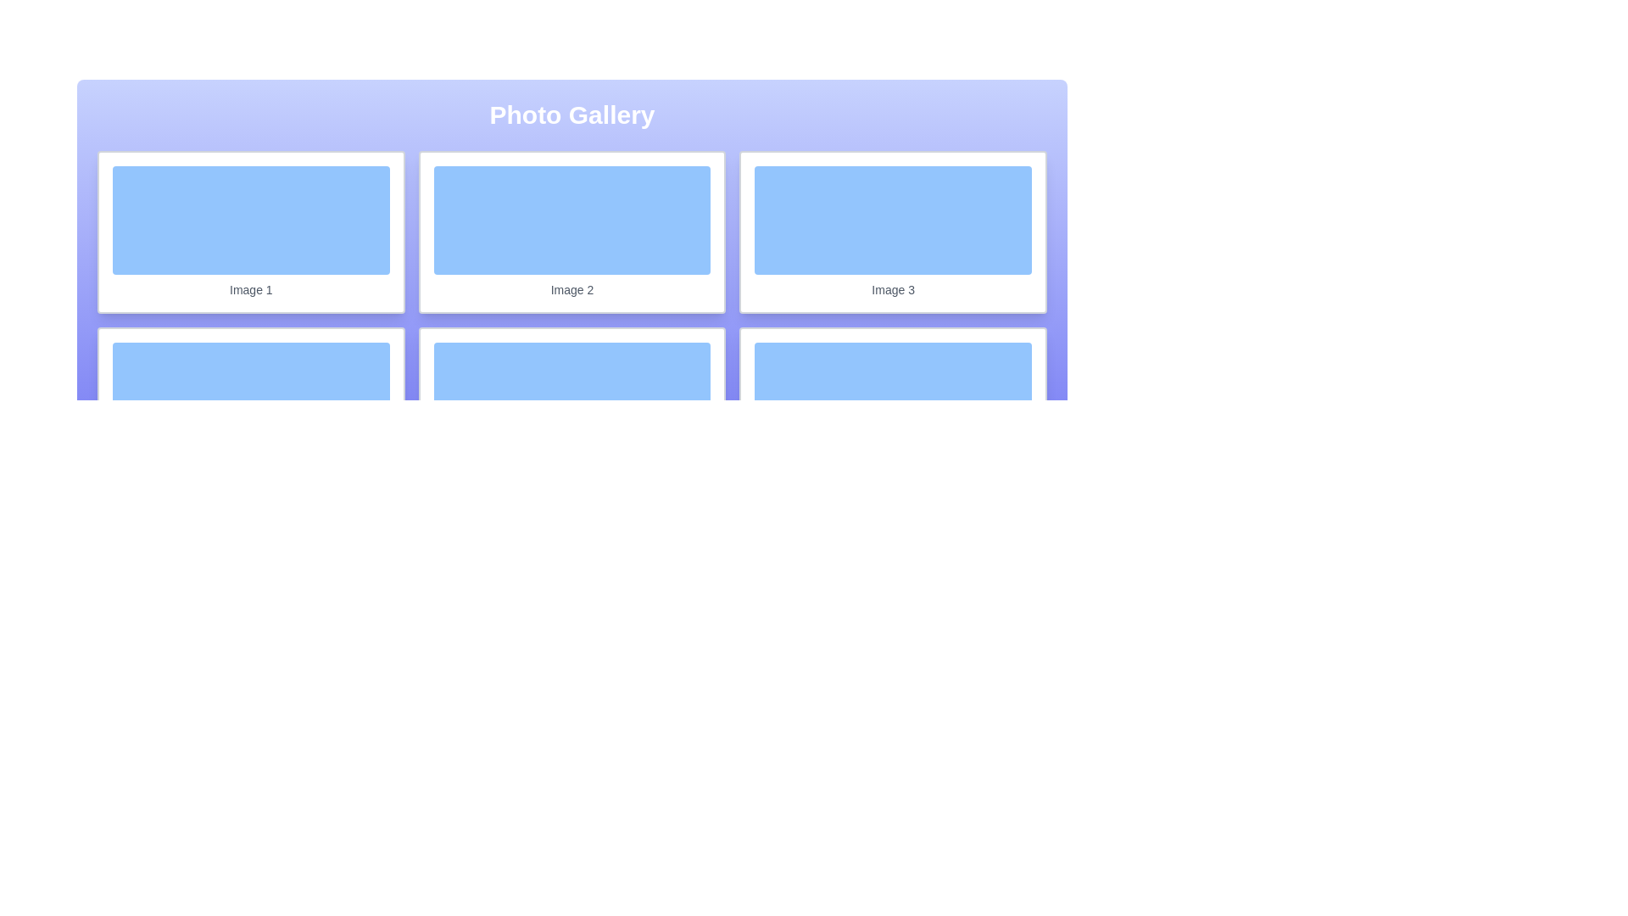  What do you see at coordinates (572, 232) in the screenshot?
I see `the image display card component, which is the second item in the first row of a grid layout, for interaction` at bounding box center [572, 232].